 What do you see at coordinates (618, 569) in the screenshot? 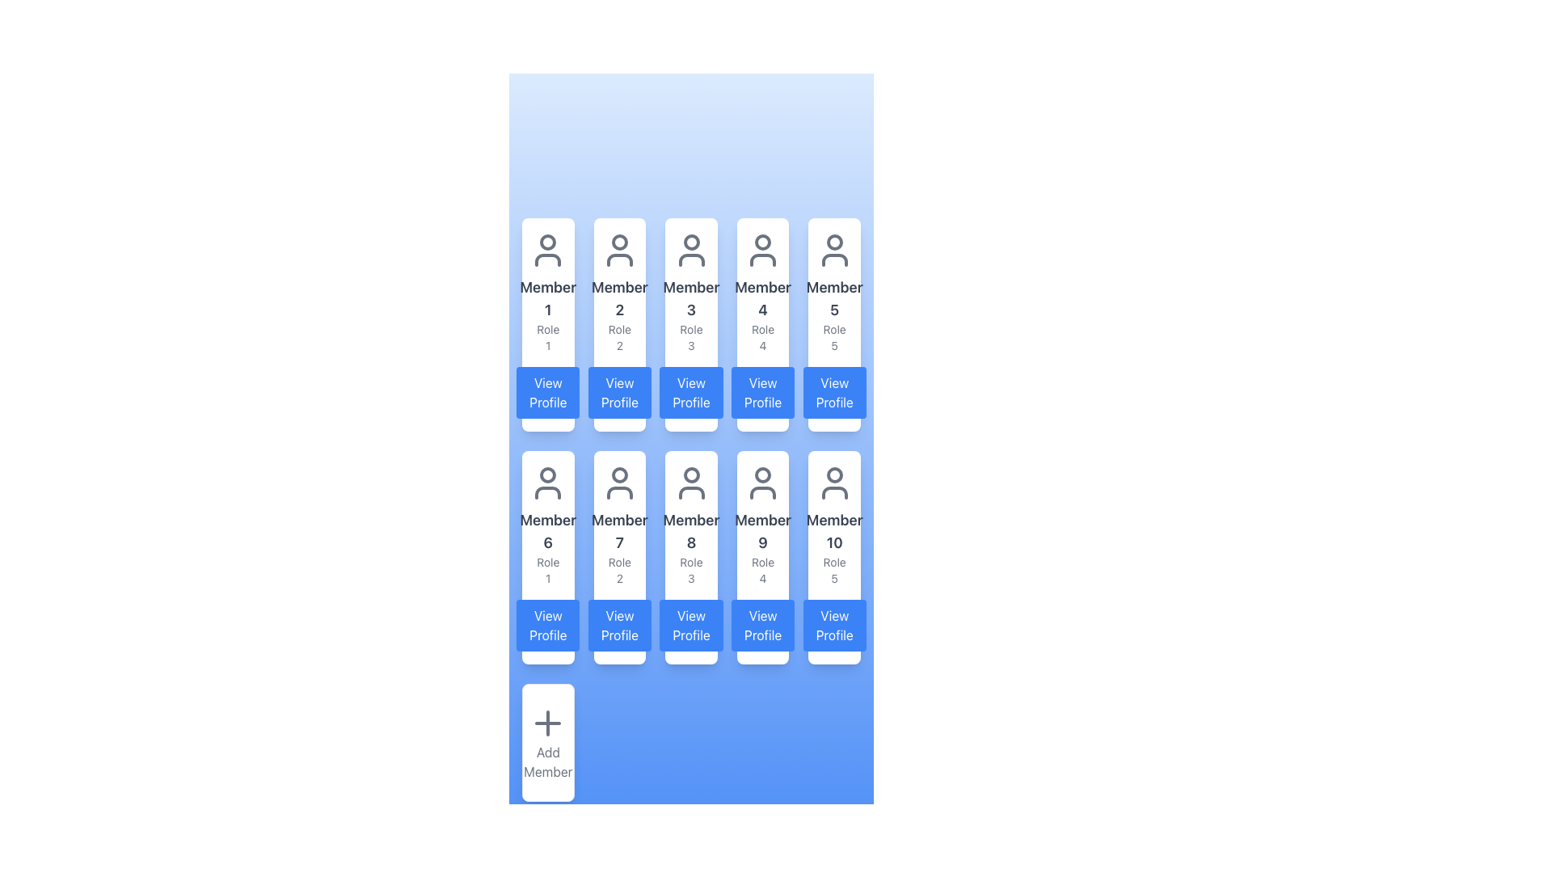
I see `the text label that provides supplementary description, located below 'Member 7' and above the 'View Profile' button in the profile information layout` at bounding box center [618, 569].